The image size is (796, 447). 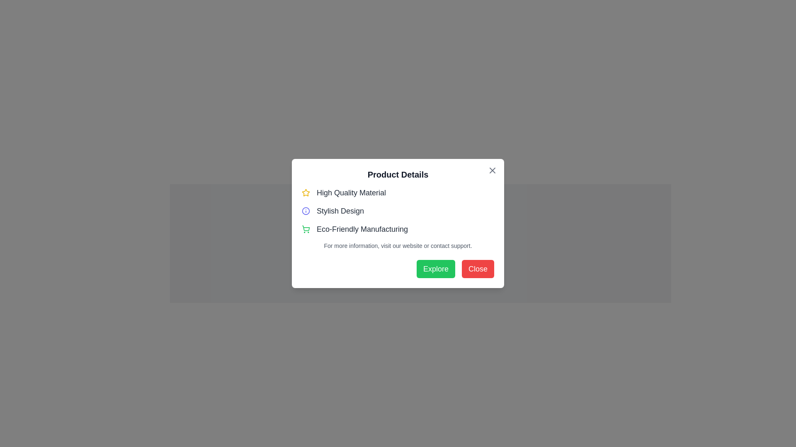 I want to click on the star icon located in the upper-left part of the dialog box, to the left of the text 'High Quality Material' to interact with it, so click(x=306, y=192).